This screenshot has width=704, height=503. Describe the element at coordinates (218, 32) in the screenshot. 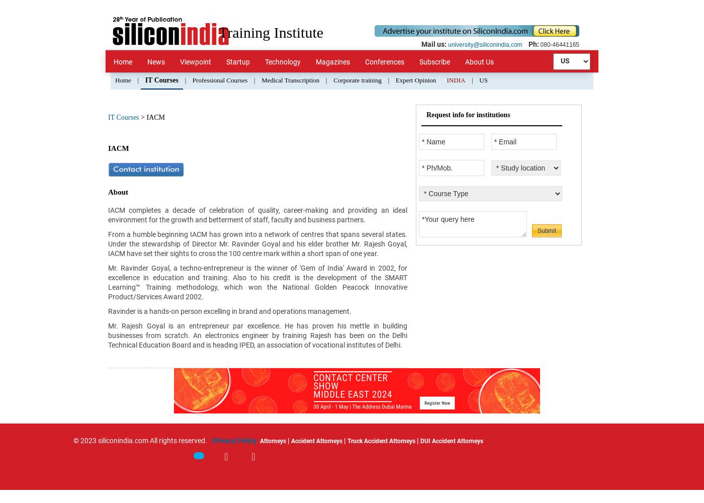

I see `'Training Institute'` at that location.